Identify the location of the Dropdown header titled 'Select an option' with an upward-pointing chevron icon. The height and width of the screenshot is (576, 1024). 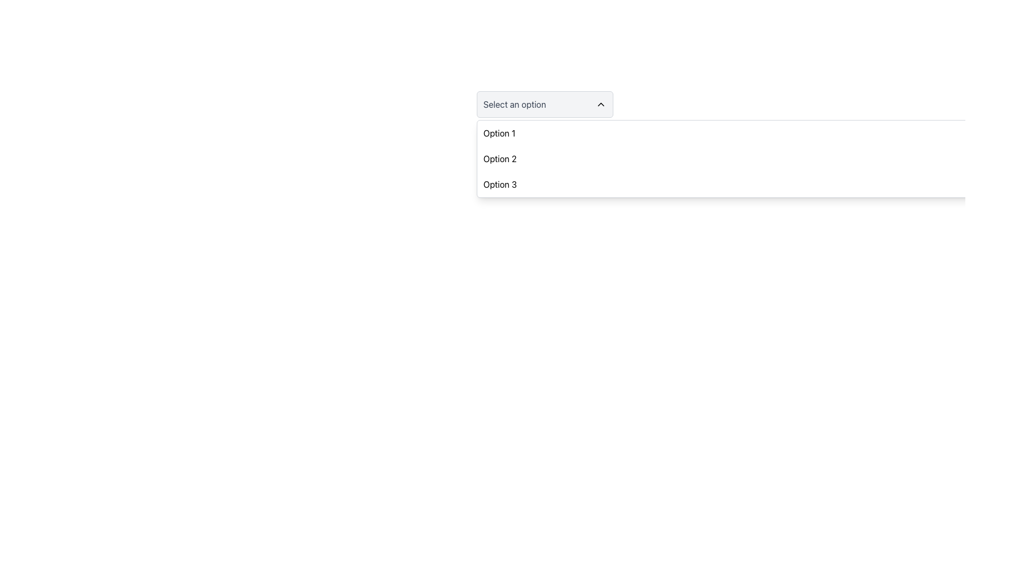
(545, 105).